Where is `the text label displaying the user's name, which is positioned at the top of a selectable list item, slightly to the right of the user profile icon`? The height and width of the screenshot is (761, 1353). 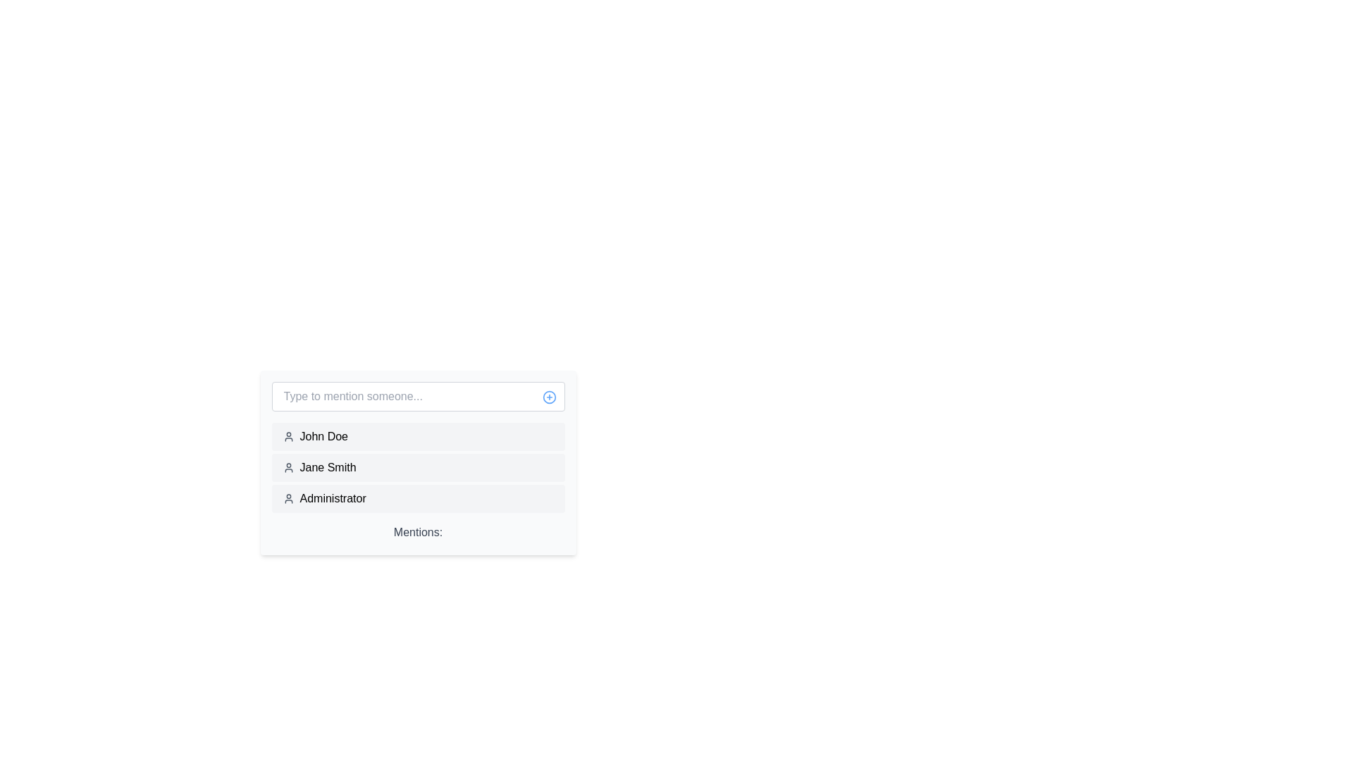 the text label displaying the user's name, which is positioned at the top of a selectable list item, slightly to the right of the user profile icon is located at coordinates (323, 436).